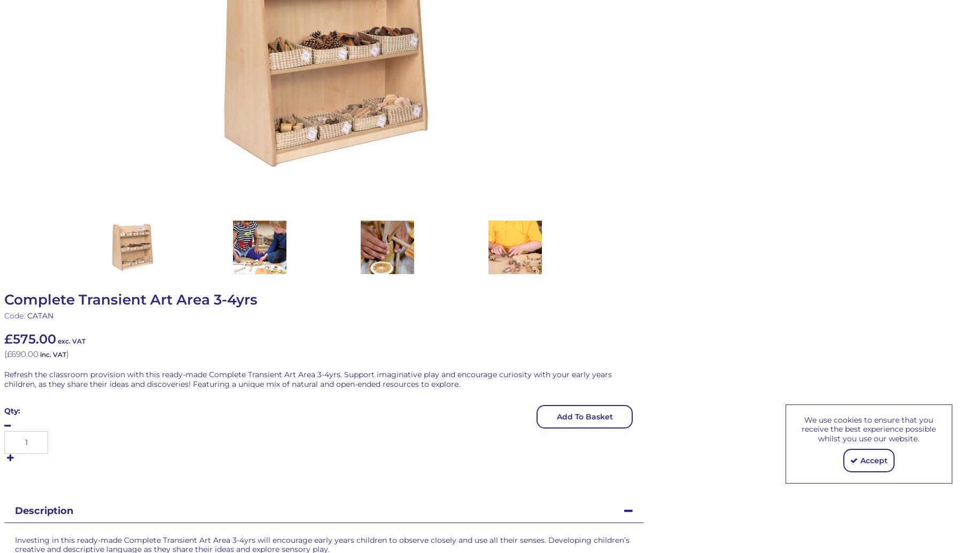 The width and height of the screenshot is (963, 553). Describe the element at coordinates (873, 460) in the screenshot. I see `'Accept'` at that location.